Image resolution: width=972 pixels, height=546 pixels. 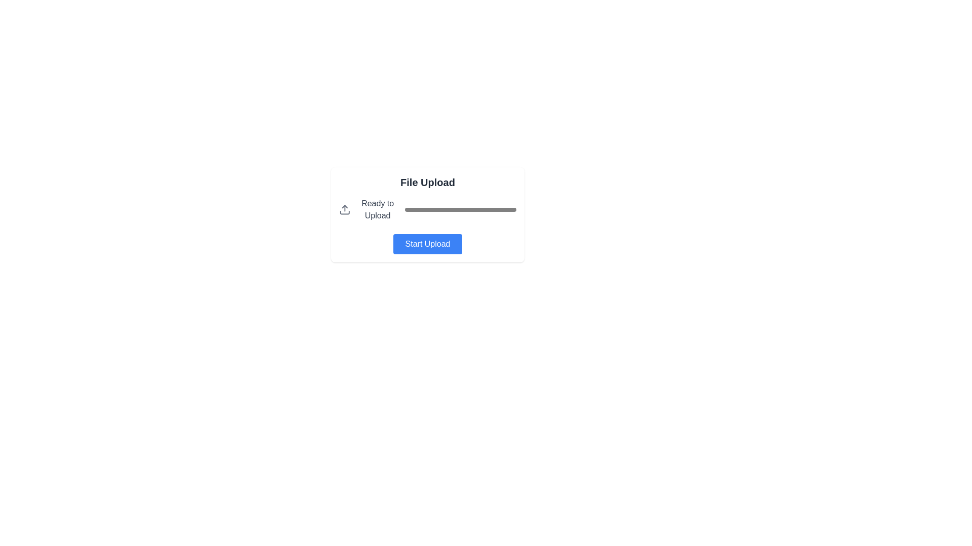 I want to click on the static text label indicating the upload status, which is positioned between the upload icon and the progress bar, so click(x=377, y=209).